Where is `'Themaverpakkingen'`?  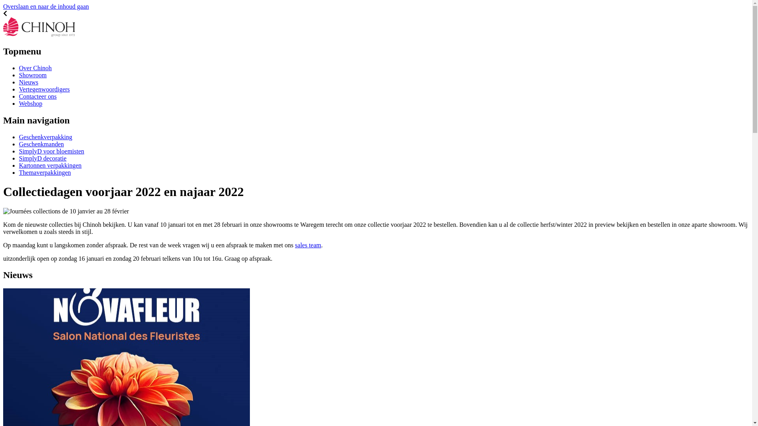
'Themaverpakkingen' is located at coordinates (45, 172).